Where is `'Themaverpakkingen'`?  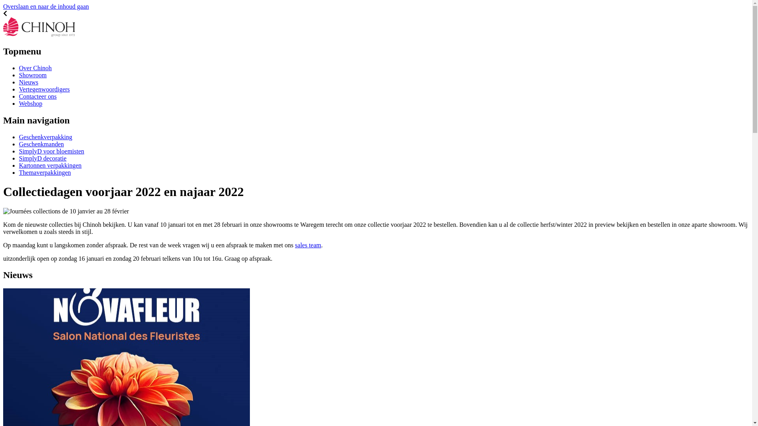
'Themaverpakkingen' is located at coordinates (45, 172).